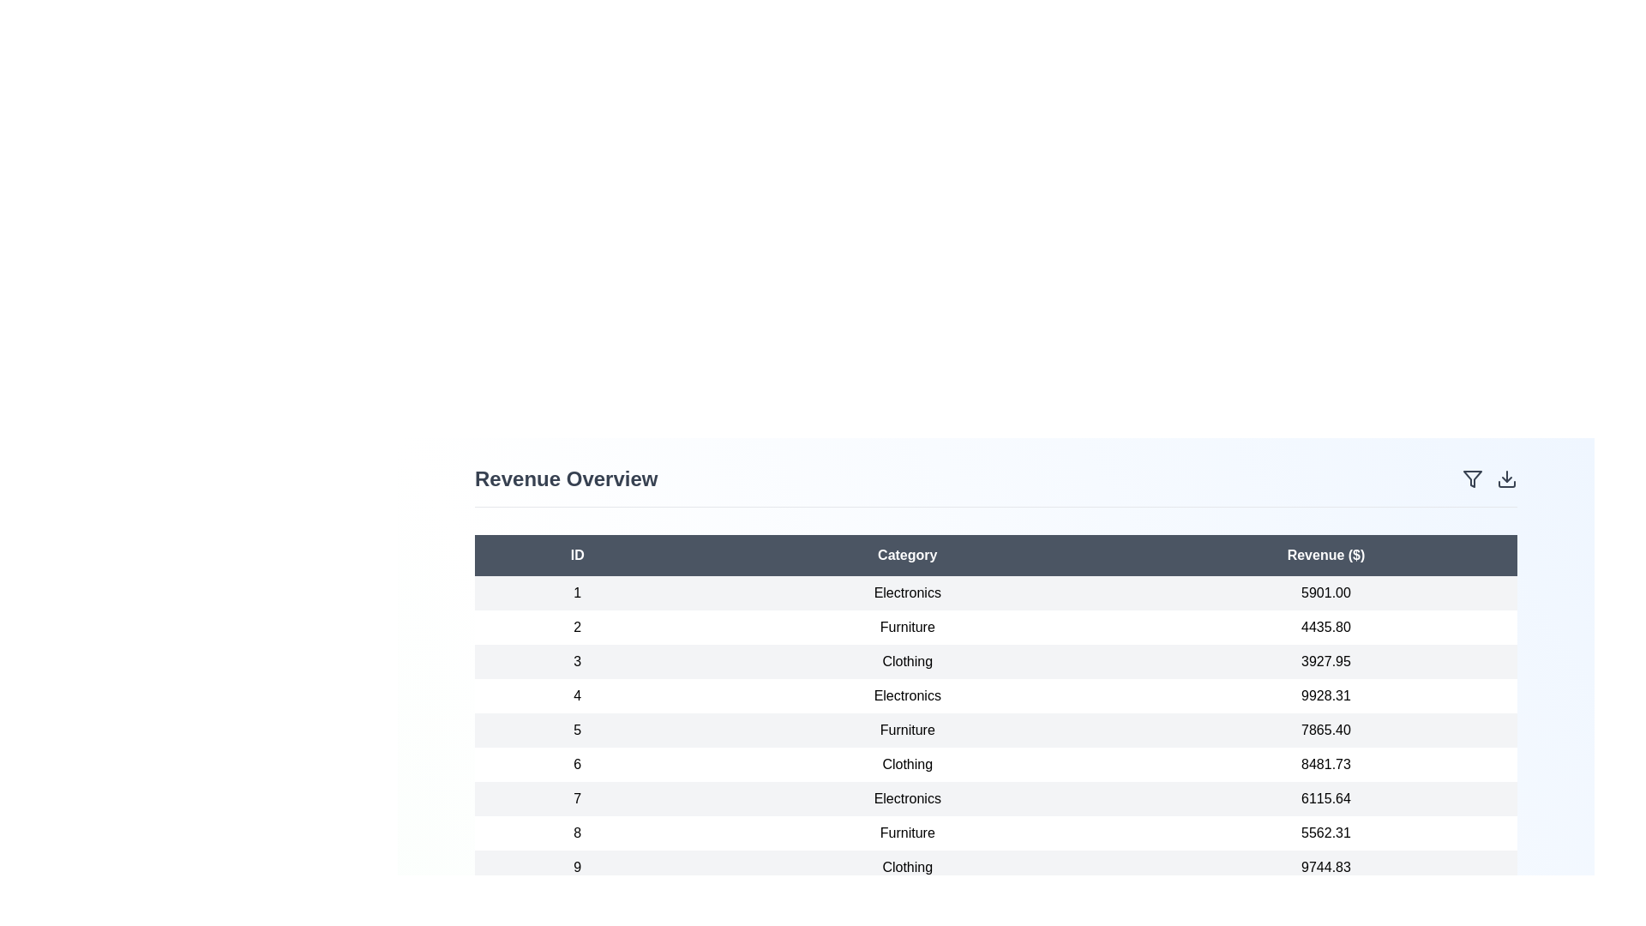  Describe the element at coordinates (577, 556) in the screenshot. I see `the table header 'ID' to sort the data` at that location.